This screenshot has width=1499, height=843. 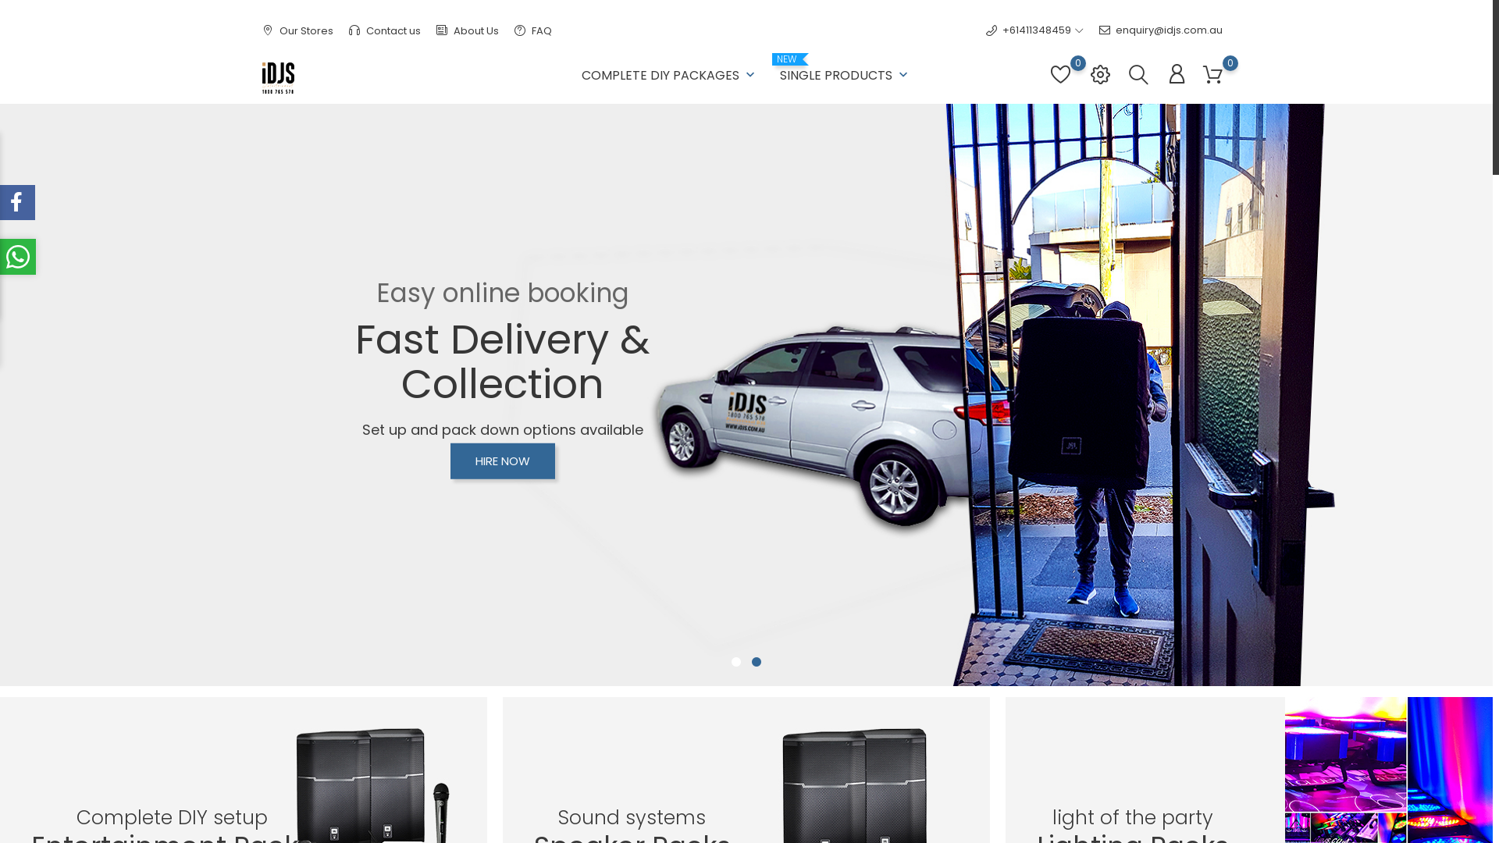 What do you see at coordinates (779, 72) in the screenshot?
I see `'SINGLE PRODUCTS` at bounding box center [779, 72].